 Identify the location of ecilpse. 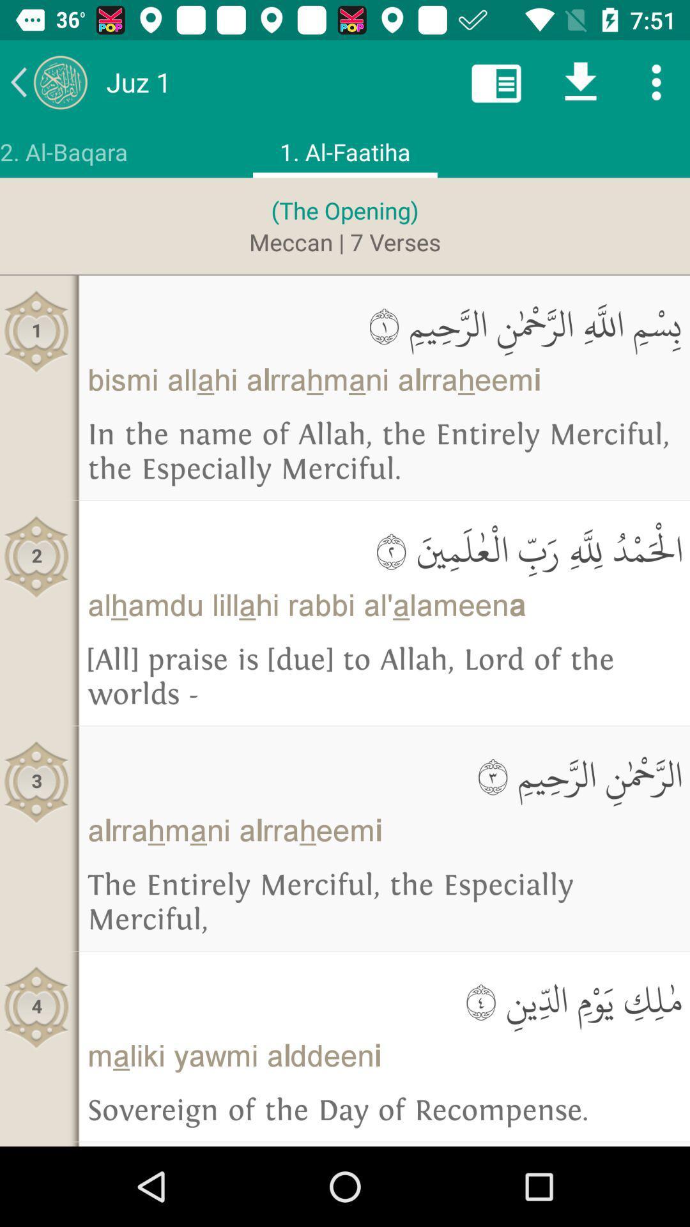
(656, 81).